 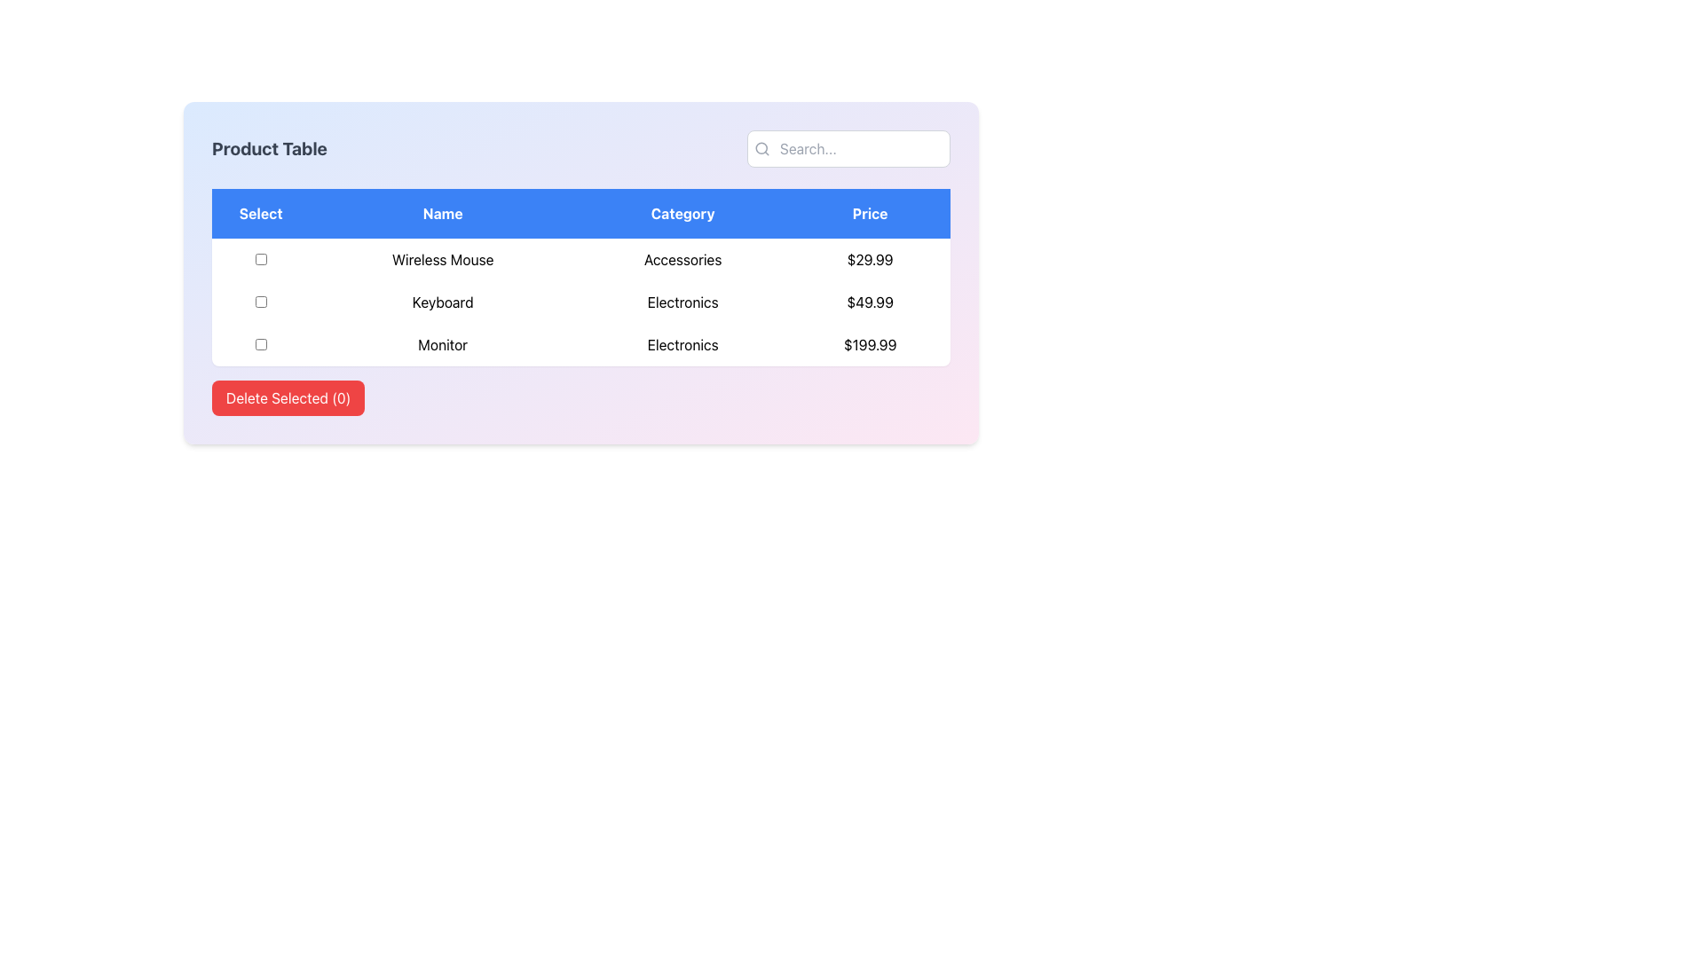 I want to click on the fourth table header which sorts the table by the price column, so click(x=870, y=212).